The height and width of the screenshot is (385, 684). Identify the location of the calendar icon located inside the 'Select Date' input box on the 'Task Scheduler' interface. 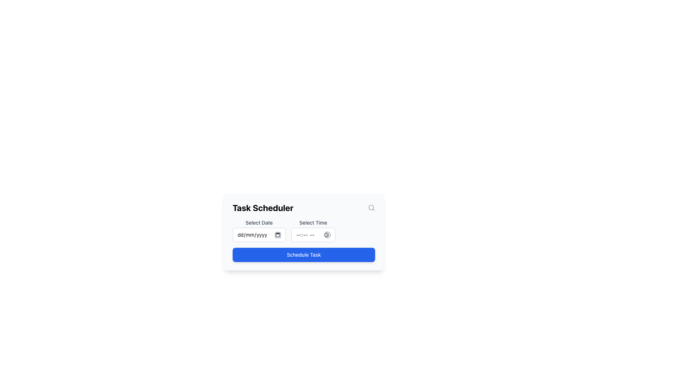
(277, 235).